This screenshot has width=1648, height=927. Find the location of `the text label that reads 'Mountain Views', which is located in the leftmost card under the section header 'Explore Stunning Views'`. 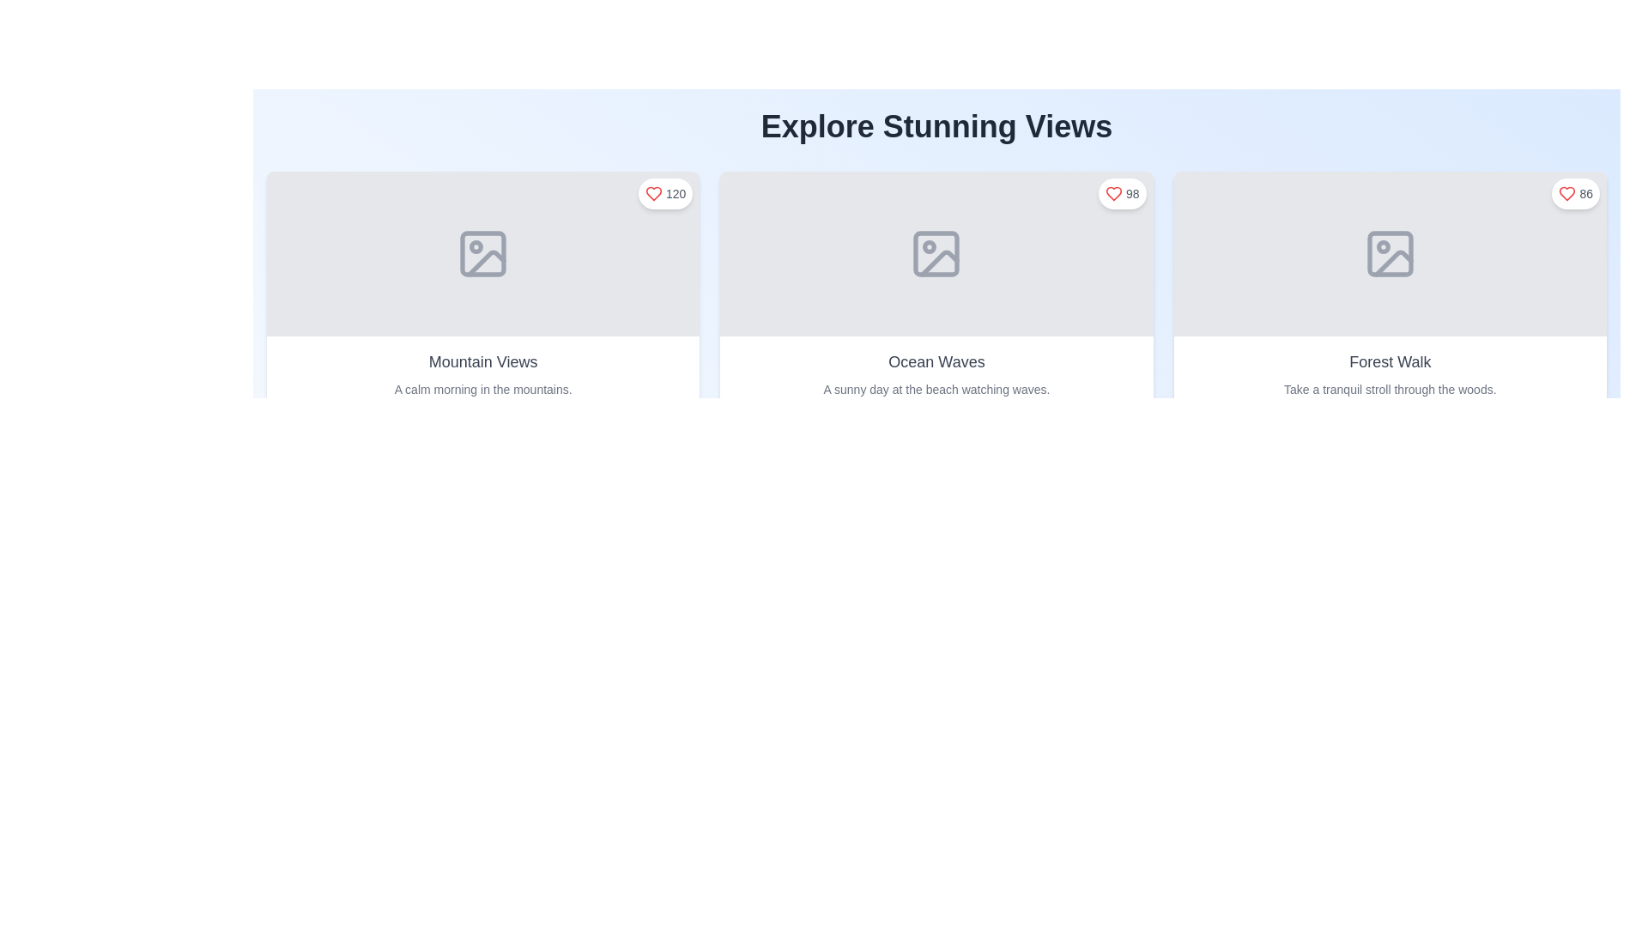

the text label that reads 'Mountain Views', which is located in the leftmost card under the section header 'Explore Stunning Views' is located at coordinates (482, 360).